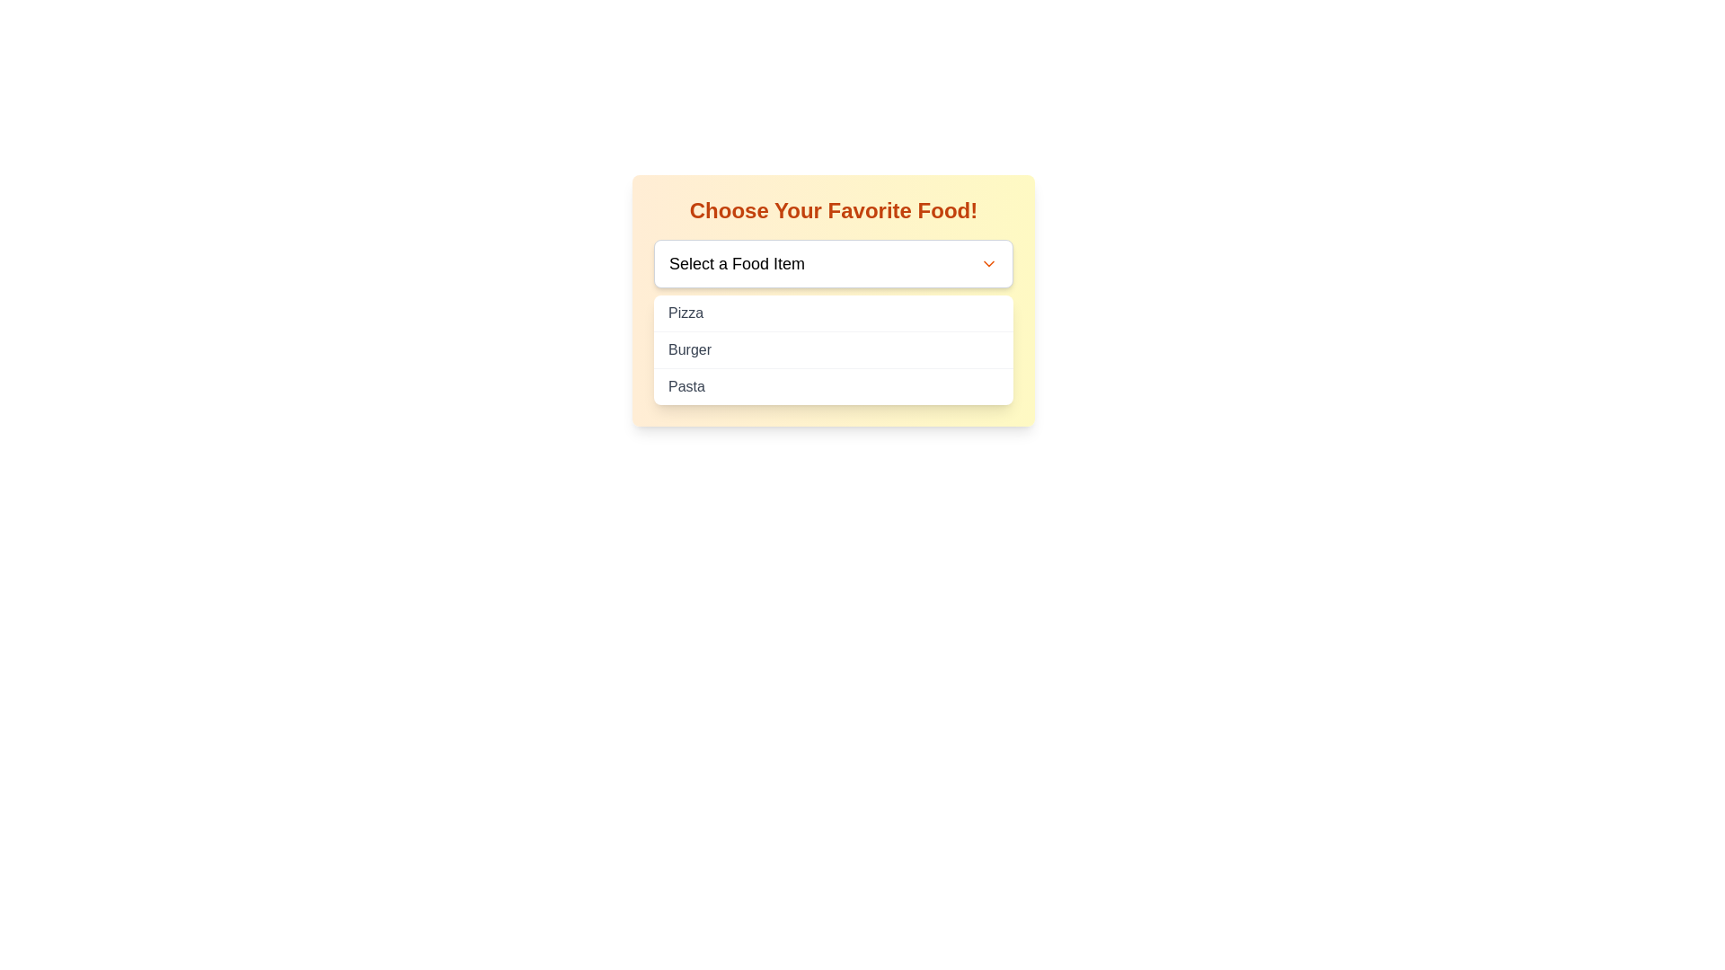 The width and height of the screenshot is (1725, 970). Describe the element at coordinates (737, 263) in the screenshot. I see `the text label within the dropdown menu that indicates the purpose of the food item selector` at that location.